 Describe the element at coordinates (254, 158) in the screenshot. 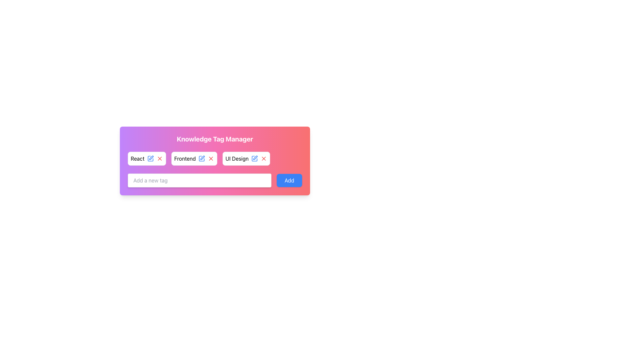

I see `the small blue pen-like icon located within the 'UI Design' tag` at that location.